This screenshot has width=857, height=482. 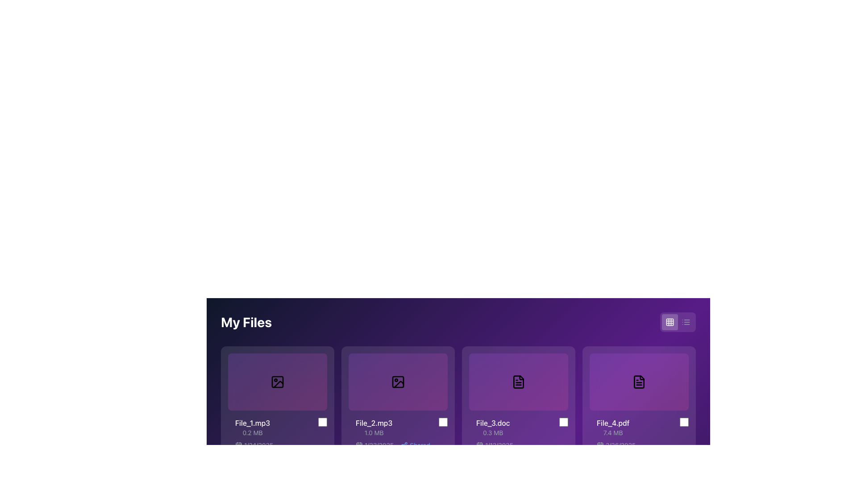 I want to click on the grid view toggle button located in the upper-right corner of the interface, so click(x=670, y=322).